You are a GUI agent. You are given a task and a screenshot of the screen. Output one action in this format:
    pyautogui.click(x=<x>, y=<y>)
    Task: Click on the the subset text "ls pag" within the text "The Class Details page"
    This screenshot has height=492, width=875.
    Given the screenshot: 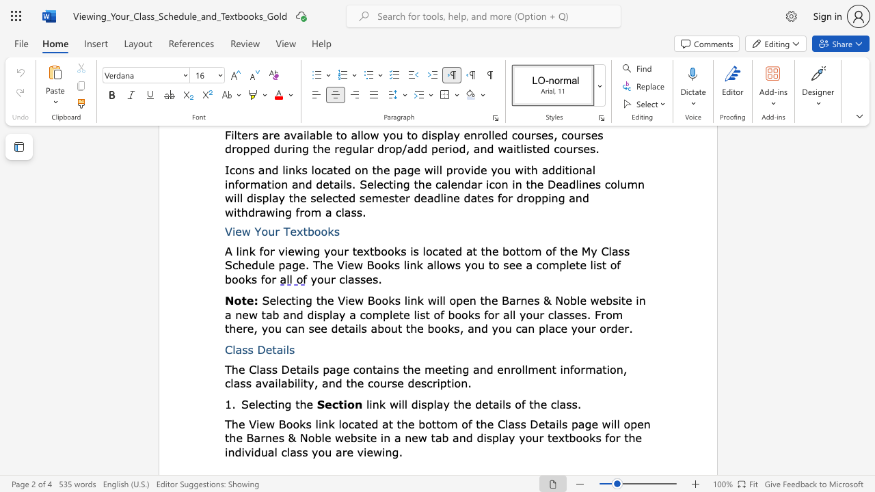 What is the action you would take?
    pyautogui.click(x=309, y=369)
    